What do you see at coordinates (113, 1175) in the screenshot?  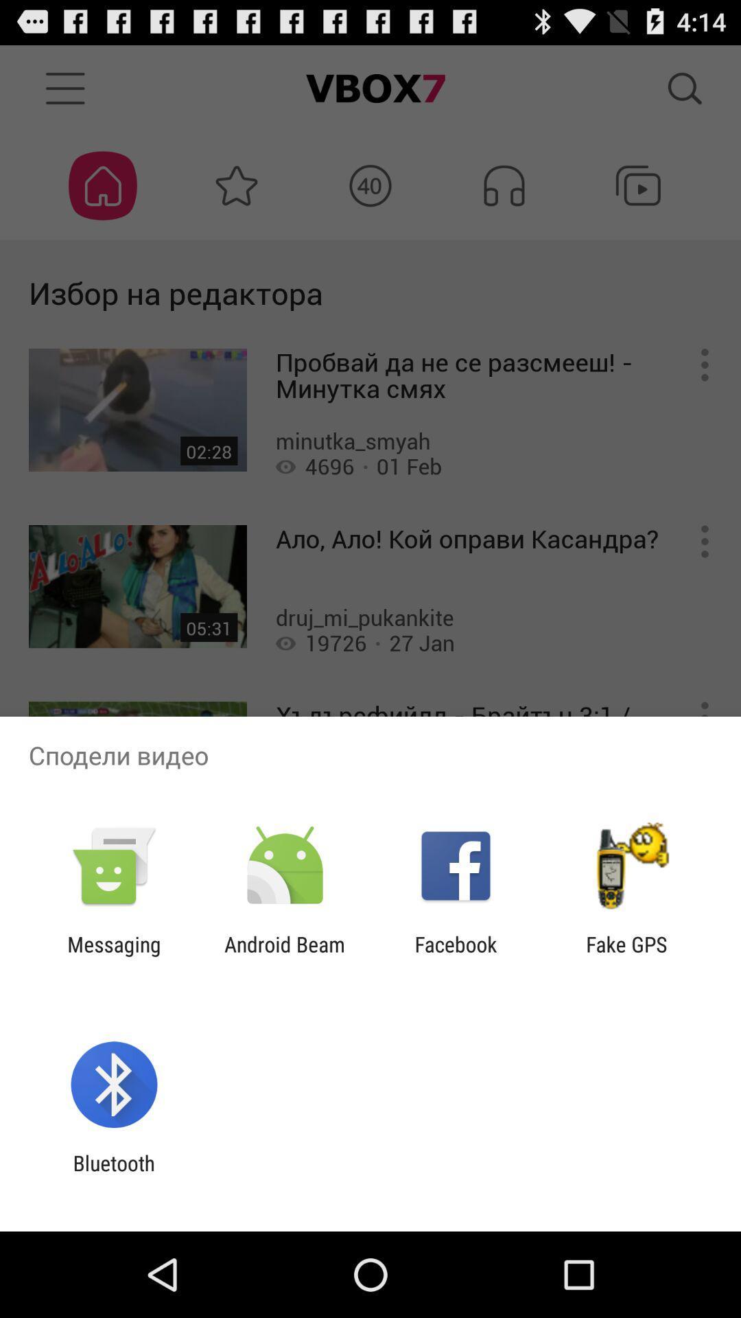 I see `the bluetooth` at bounding box center [113, 1175].